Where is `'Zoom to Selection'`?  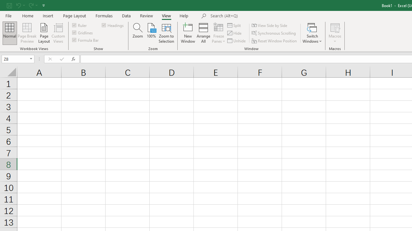 'Zoom to Selection' is located at coordinates (166, 33).